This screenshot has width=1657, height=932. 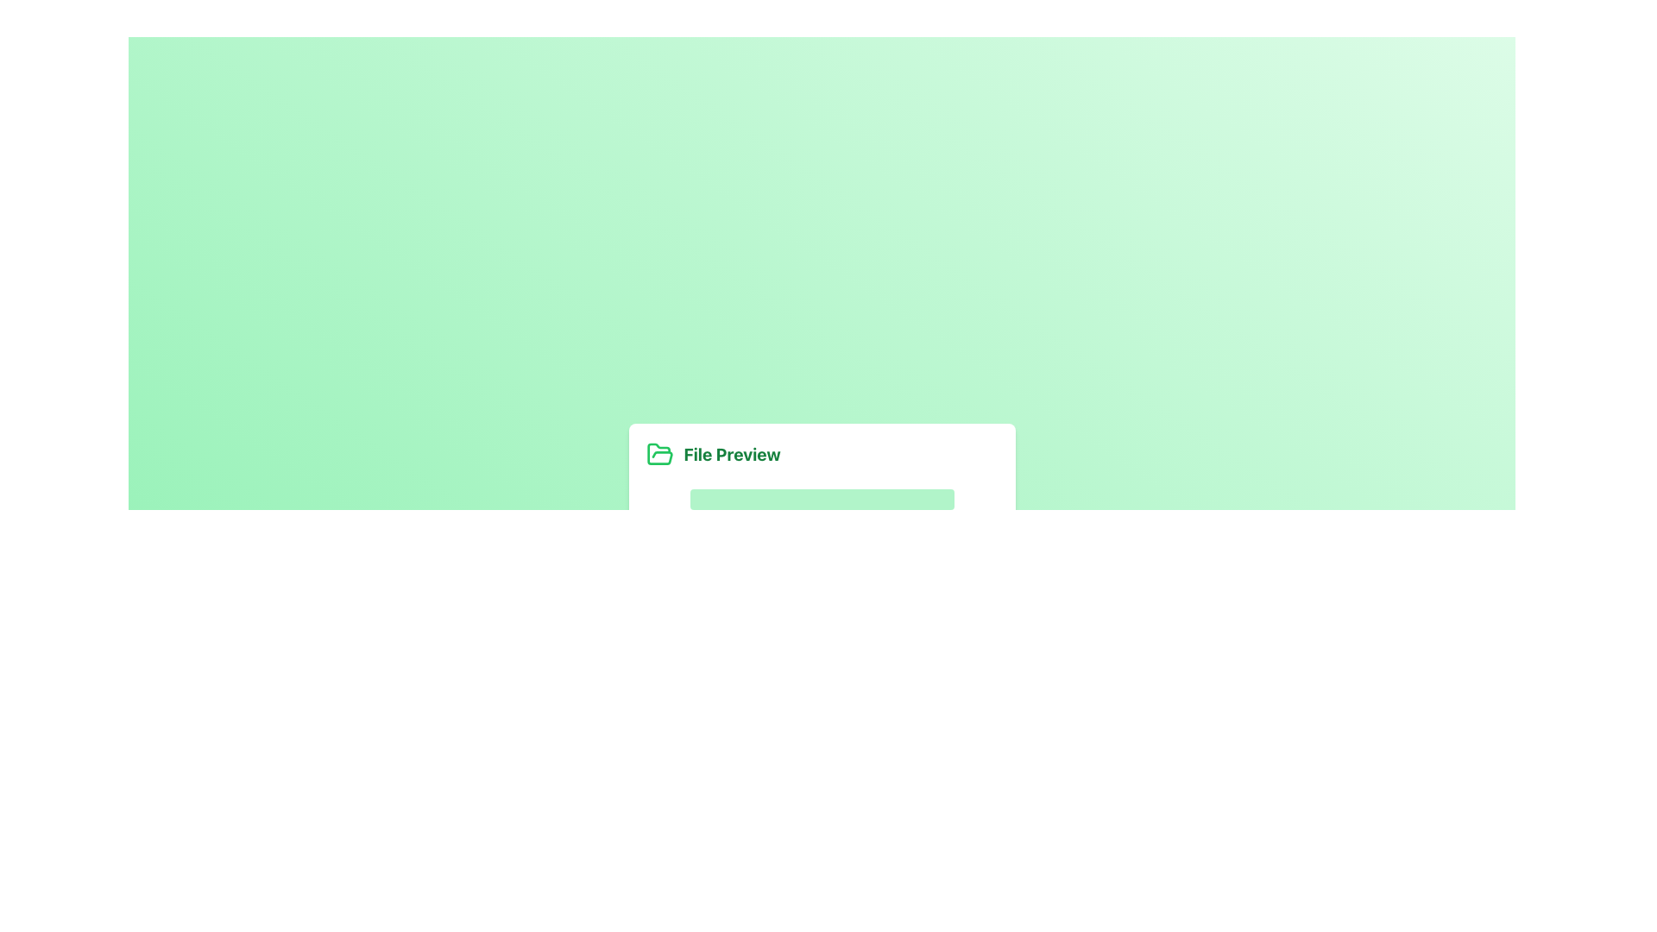 What do you see at coordinates (732, 454) in the screenshot?
I see `the text label displaying 'File Preview' in bold, large green font, indicating its importance as a header` at bounding box center [732, 454].